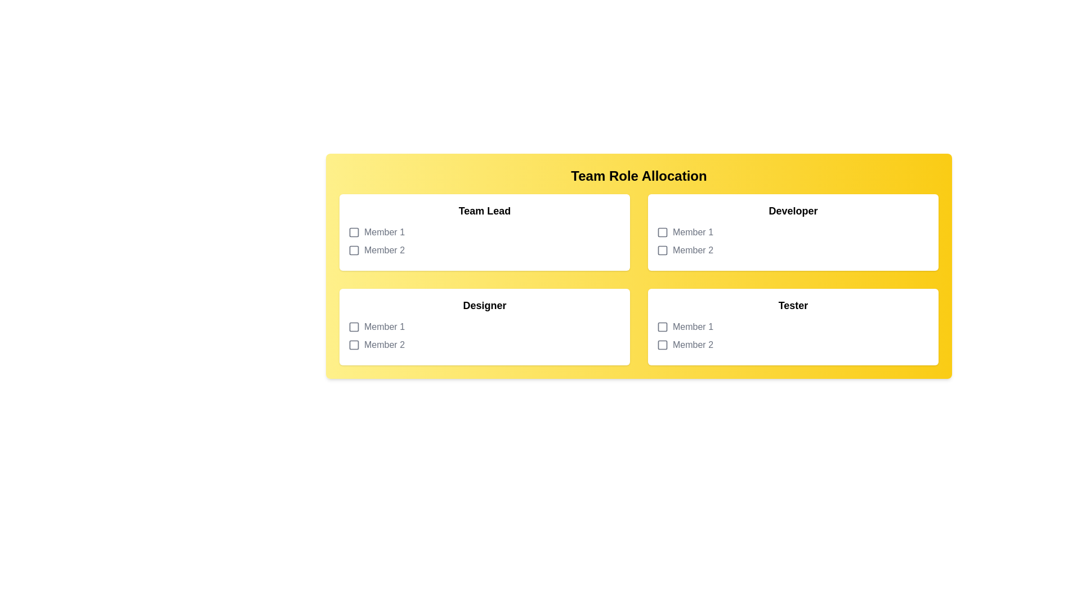 This screenshot has height=608, width=1081. Describe the element at coordinates (353, 327) in the screenshot. I see `the icon next to Designer for Member 1 to toggle selection` at that location.